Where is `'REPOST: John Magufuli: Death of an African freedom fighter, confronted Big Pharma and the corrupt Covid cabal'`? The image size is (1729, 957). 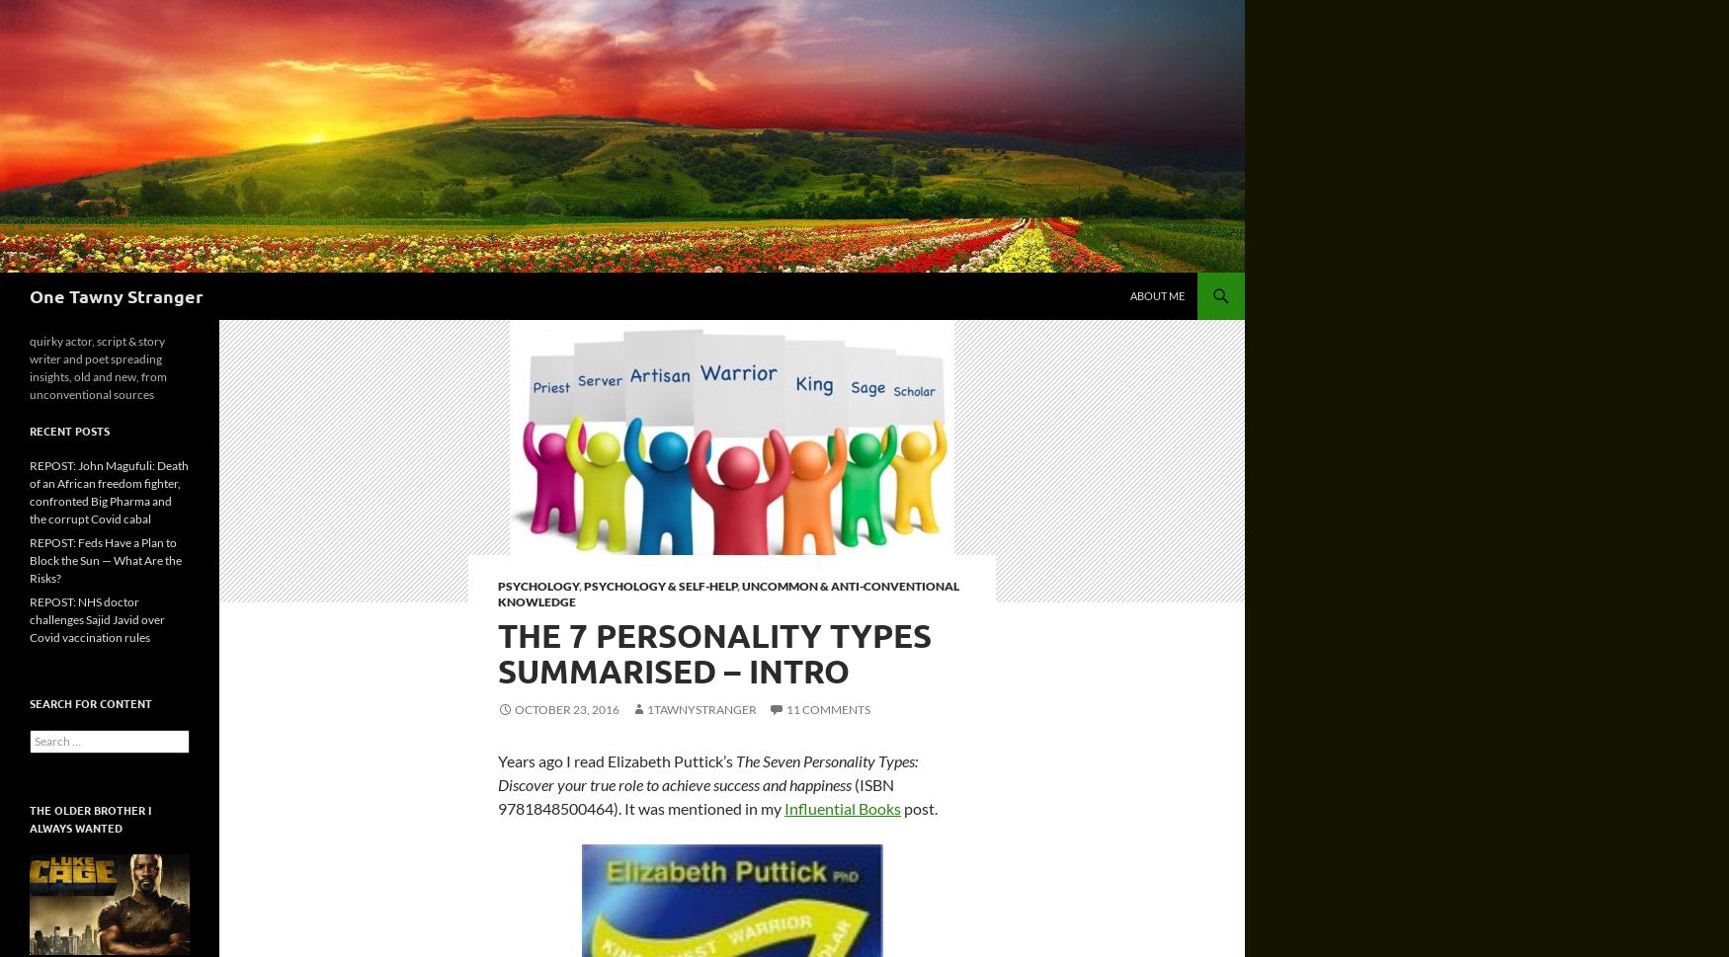 'REPOST: John Magufuli: Death of an African freedom fighter, confronted Big Pharma and the corrupt Covid cabal' is located at coordinates (109, 491).